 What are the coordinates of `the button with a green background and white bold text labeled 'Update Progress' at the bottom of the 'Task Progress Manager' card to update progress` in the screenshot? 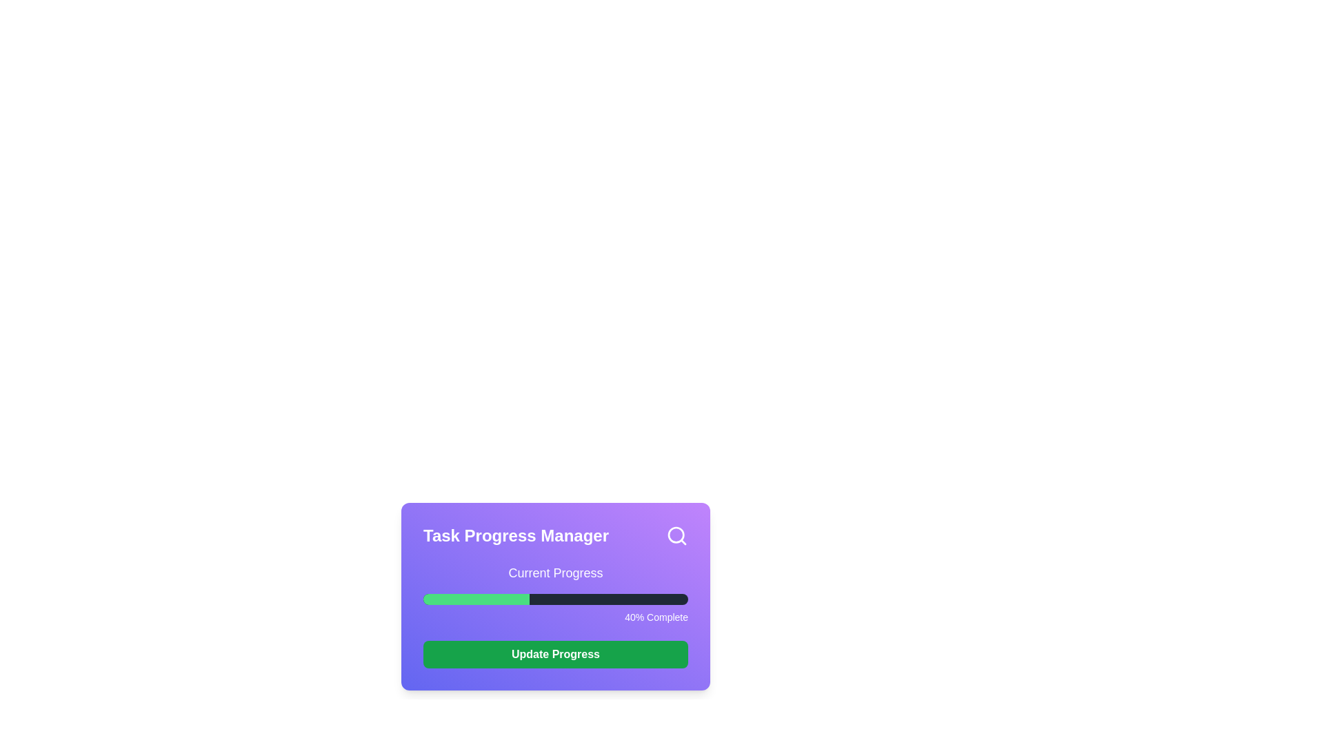 It's located at (556, 653).